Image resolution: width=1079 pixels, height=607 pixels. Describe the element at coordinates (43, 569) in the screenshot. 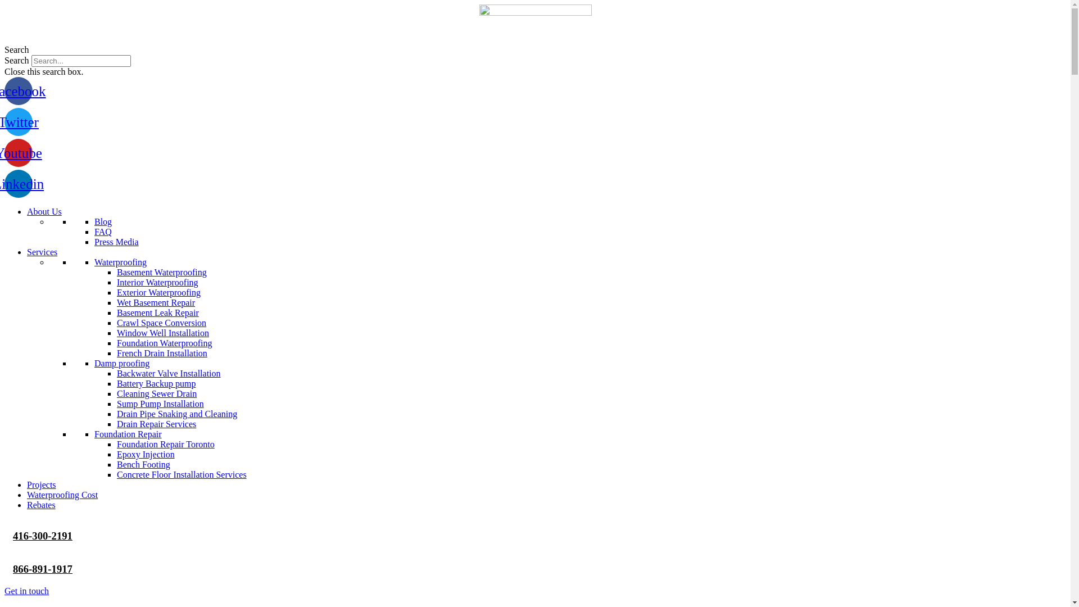

I see `'866-891-1917'` at that location.